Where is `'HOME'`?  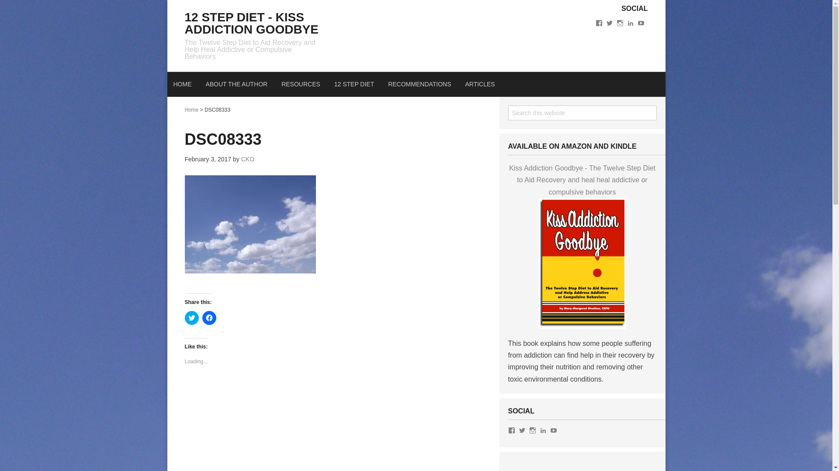 'HOME' is located at coordinates (182, 84).